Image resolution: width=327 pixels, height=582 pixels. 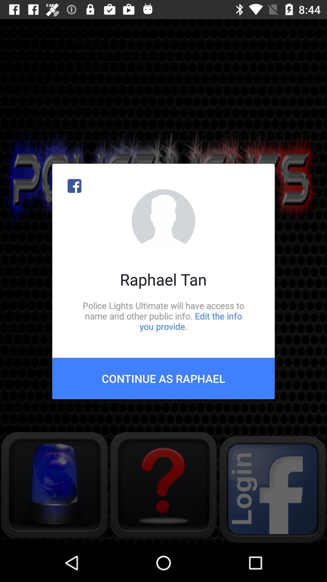 I want to click on the item below police lights ultimate item, so click(x=163, y=378).